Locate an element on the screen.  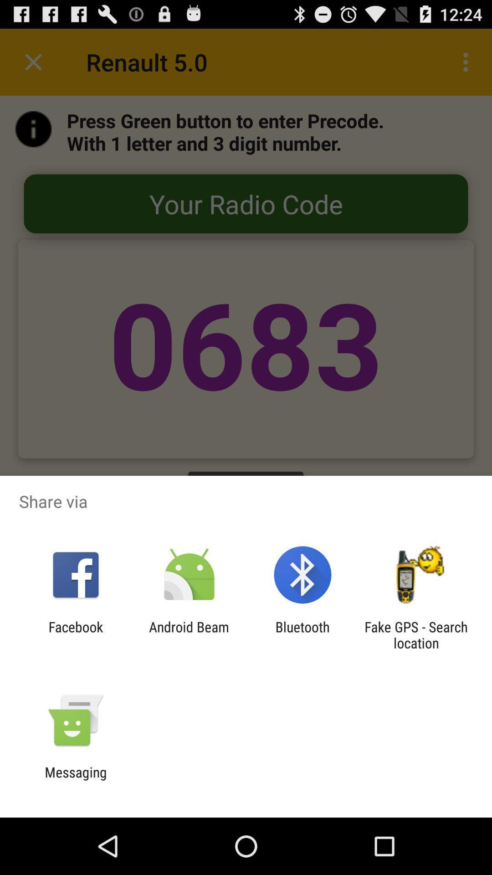
app to the right of the bluetooth app is located at coordinates (416, 634).